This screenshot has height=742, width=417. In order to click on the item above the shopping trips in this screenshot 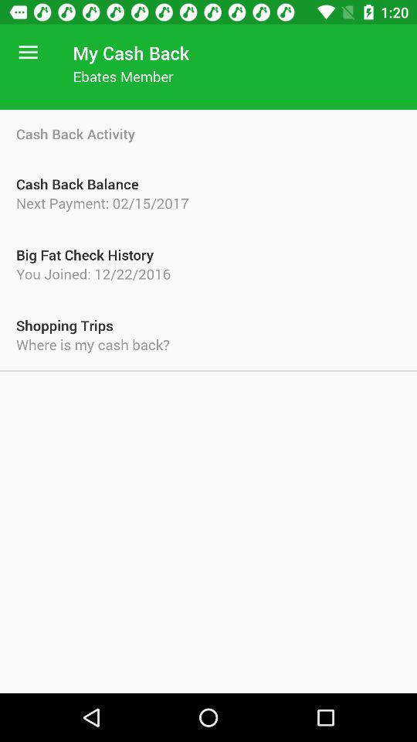, I will do `click(208, 274)`.